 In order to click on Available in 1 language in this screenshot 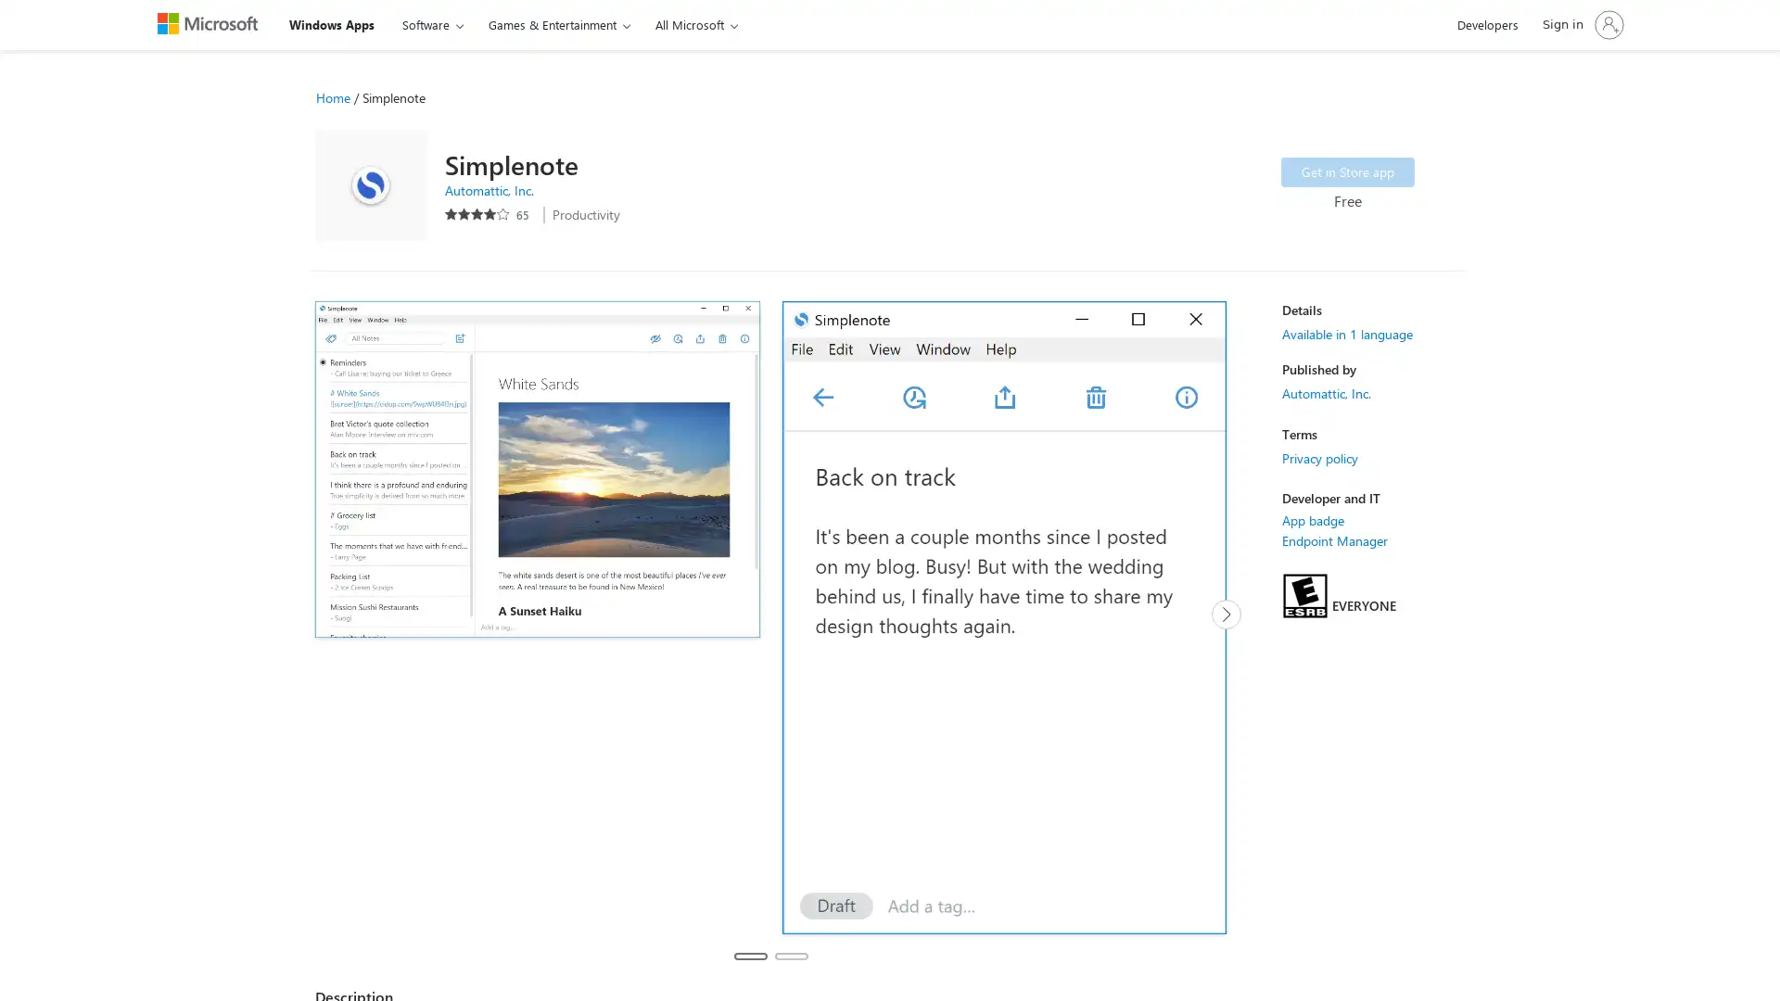, I will do `click(1347, 335)`.